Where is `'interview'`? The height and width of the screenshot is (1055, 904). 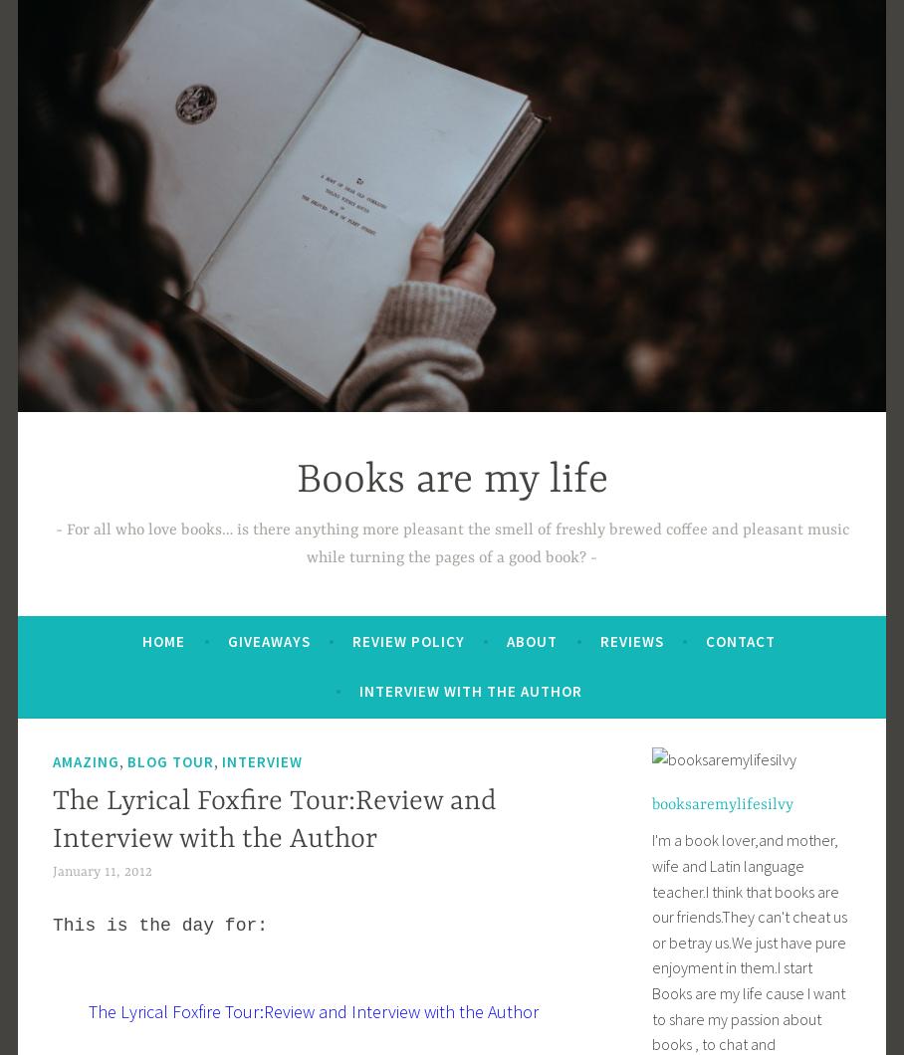
'interview' is located at coordinates (261, 760).